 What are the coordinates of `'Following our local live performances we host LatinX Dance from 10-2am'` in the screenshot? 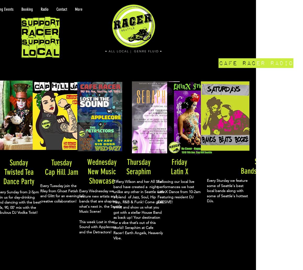 It's located at (179, 186).